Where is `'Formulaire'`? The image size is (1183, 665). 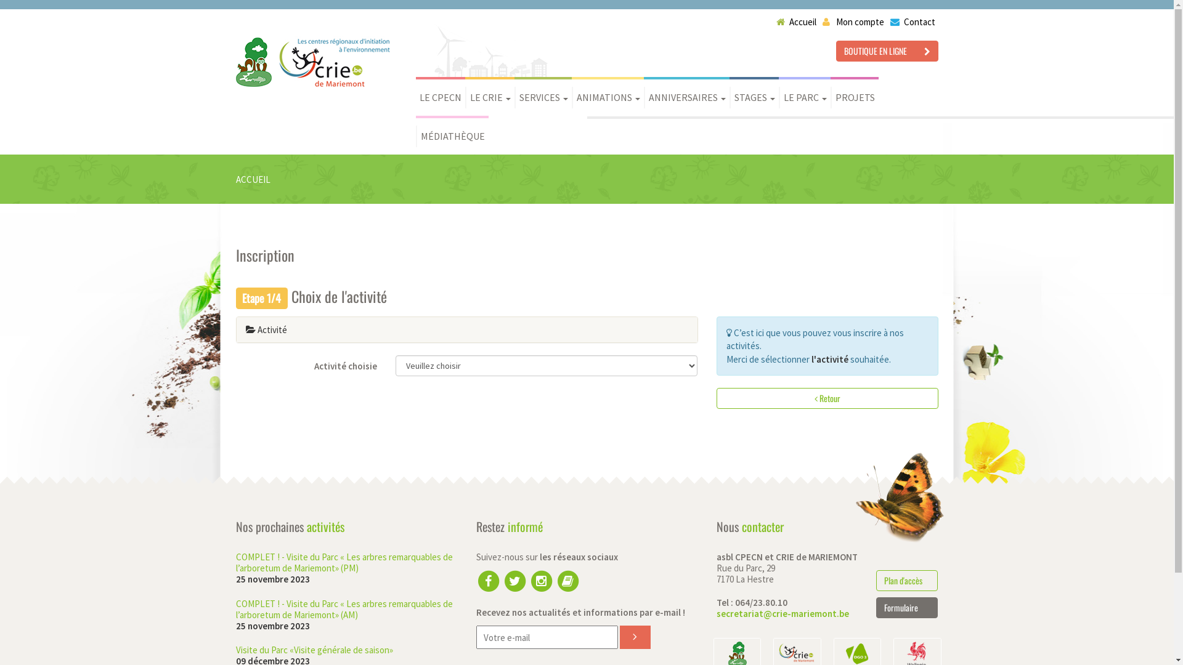
'Formulaire' is located at coordinates (907, 607).